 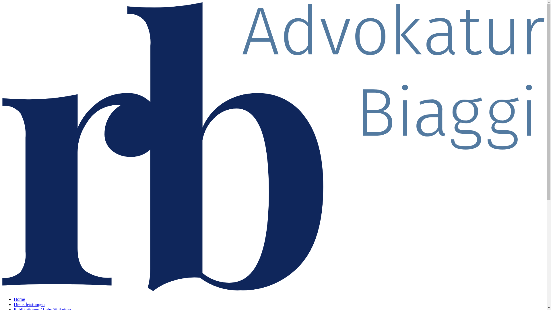 I want to click on 'Home', so click(x=19, y=299).